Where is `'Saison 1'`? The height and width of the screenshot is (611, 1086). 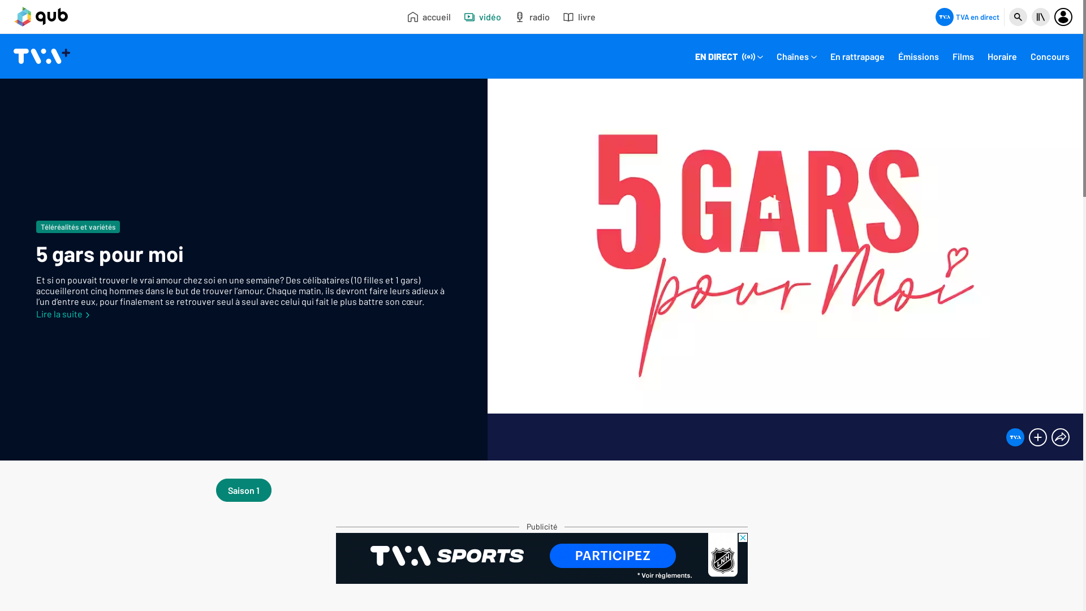 'Saison 1' is located at coordinates (243, 489).